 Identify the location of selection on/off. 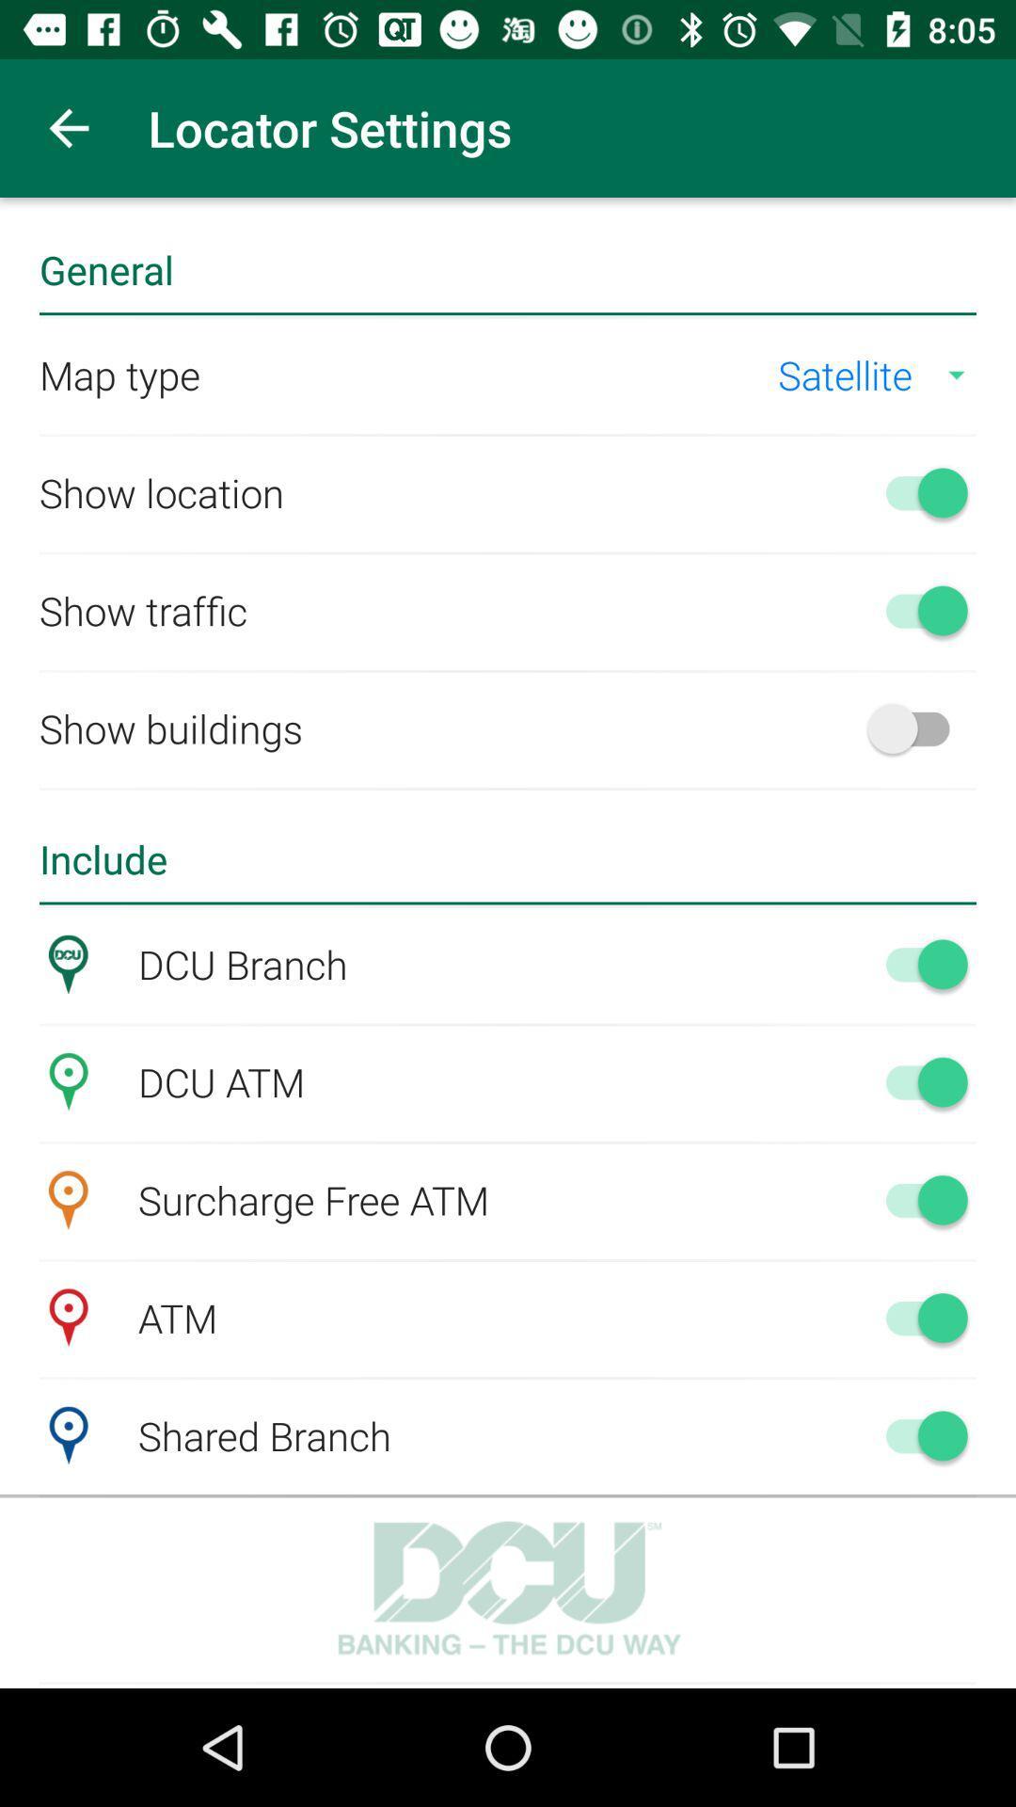
(916, 727).